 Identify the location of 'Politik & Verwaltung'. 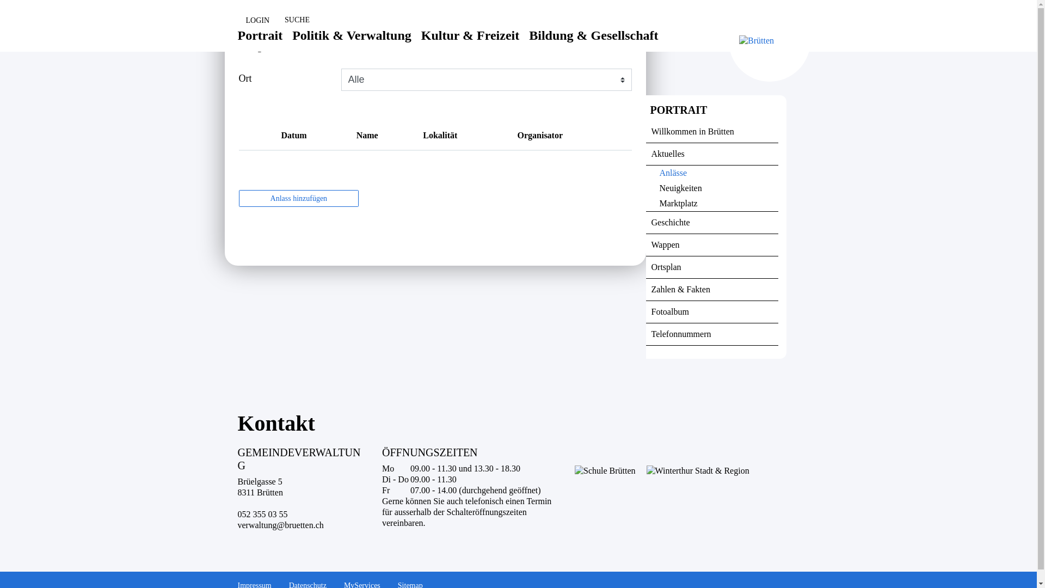
(352, 44).